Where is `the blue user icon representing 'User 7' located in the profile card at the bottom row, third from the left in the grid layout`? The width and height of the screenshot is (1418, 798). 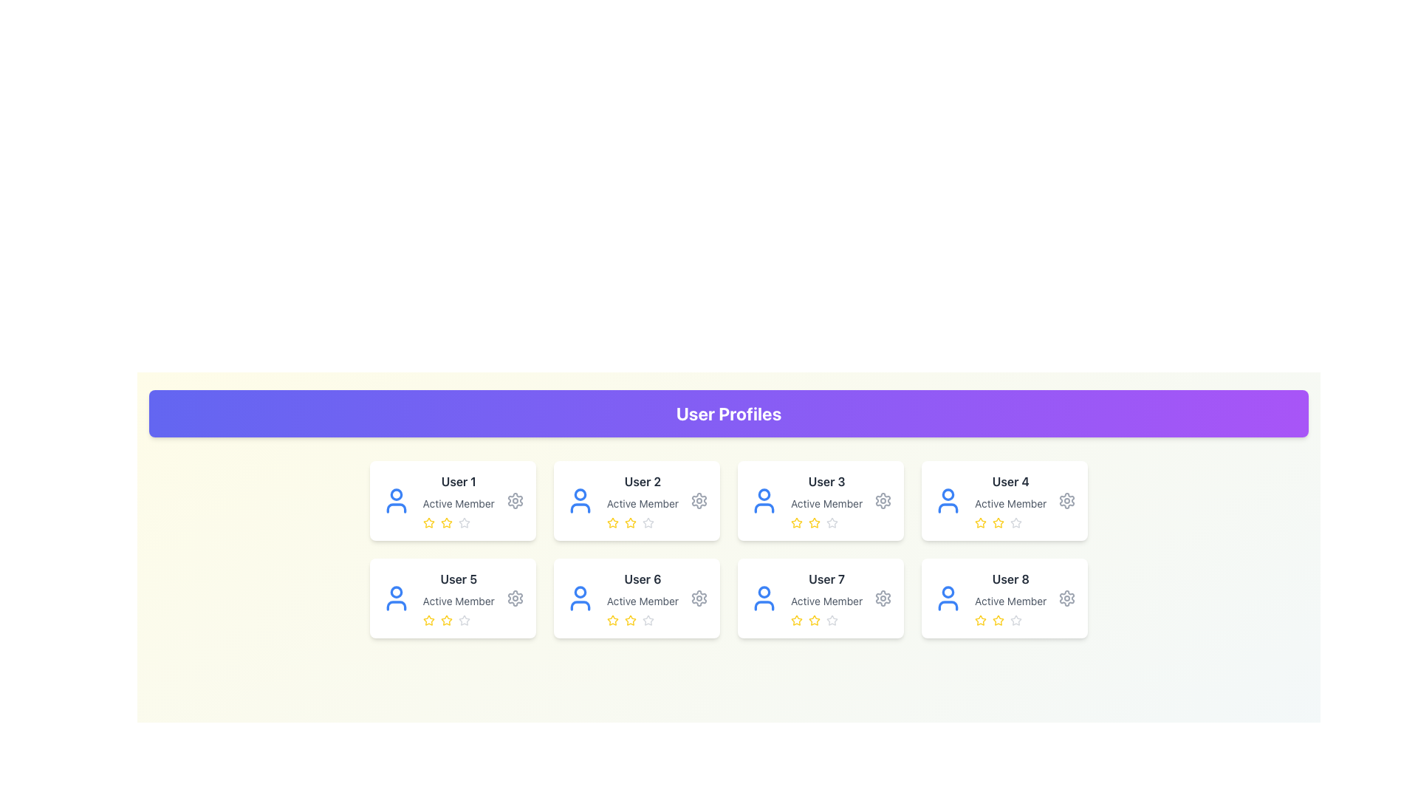
the blue user icon representing 'User 7' located in the profile card at the bottom row, third from the left in the grid layout is located at coordinates (764, 598).